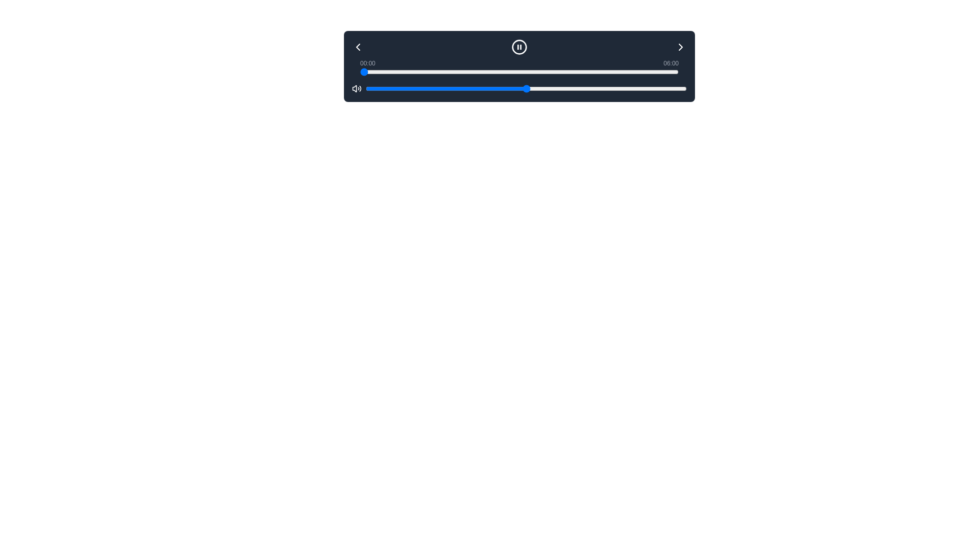 The width and height of the screenshot is (974, 548). What do you see at coordinates (672, 72) in the screenshot?
I see `the slider` at bounding box center [672, 72].